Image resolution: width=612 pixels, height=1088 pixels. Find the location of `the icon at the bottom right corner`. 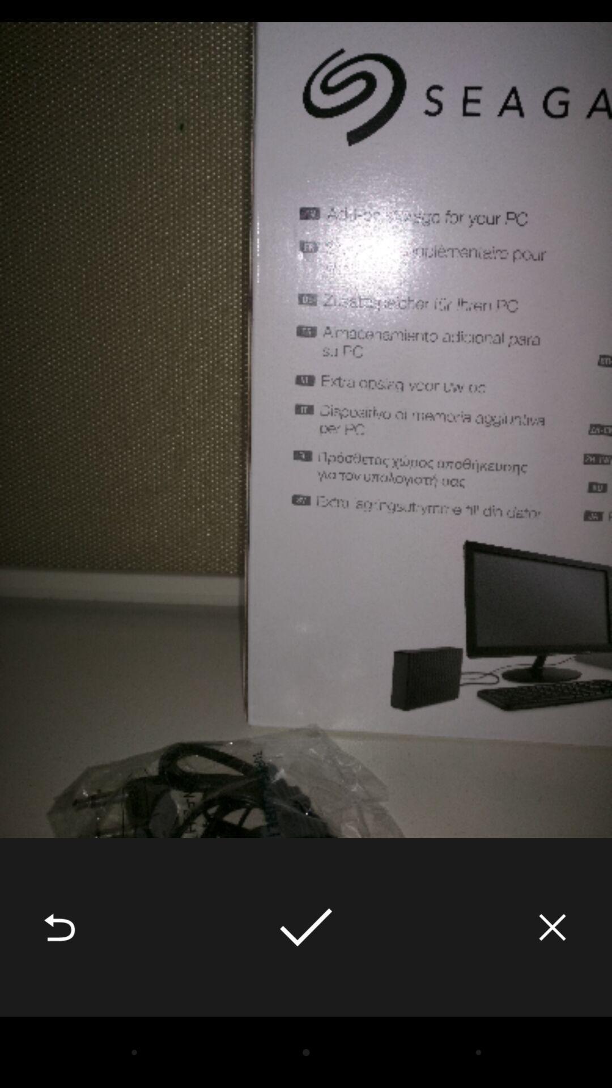

the icon at the bottom right corner is located at coordinates (552, 927).